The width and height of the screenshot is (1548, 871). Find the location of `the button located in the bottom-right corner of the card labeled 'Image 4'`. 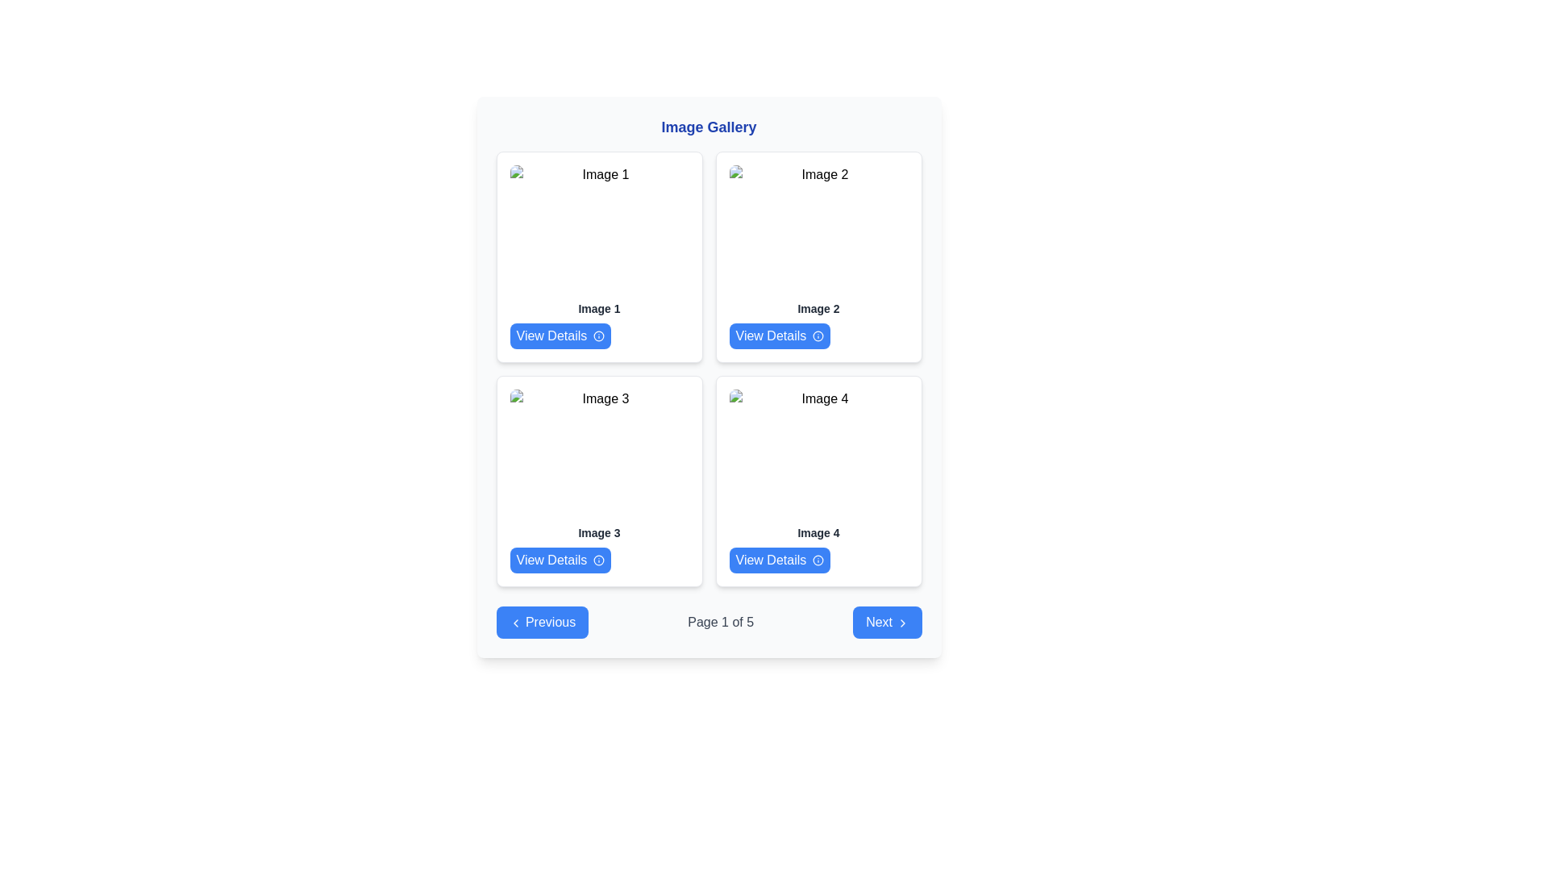

the button located in the bottom-right corner of the card labeled 'Image 4' is located at coordinates (780, 559).